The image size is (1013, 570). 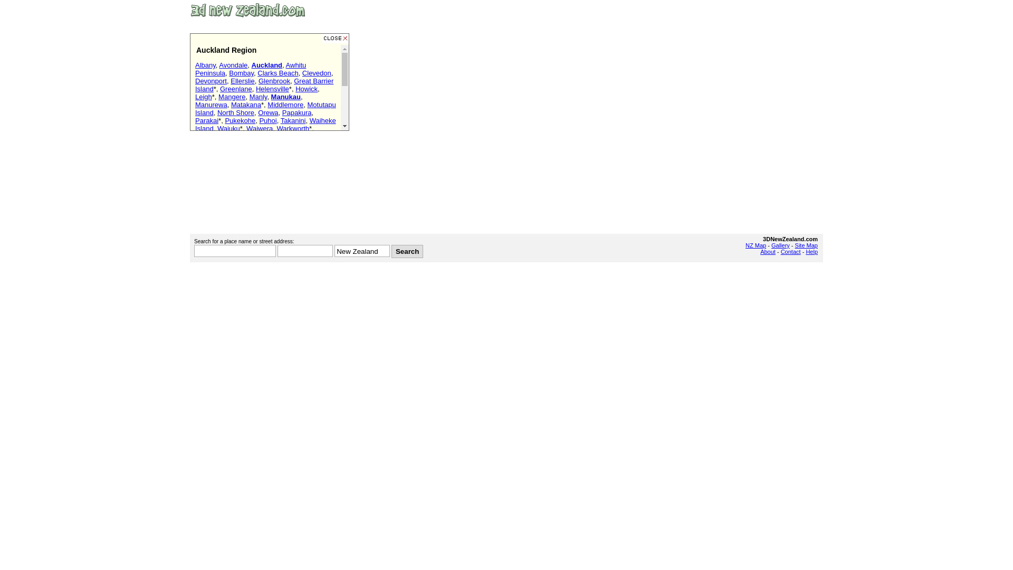 I want to click on 'Harbour Bridge', so click(x=219, y=175).